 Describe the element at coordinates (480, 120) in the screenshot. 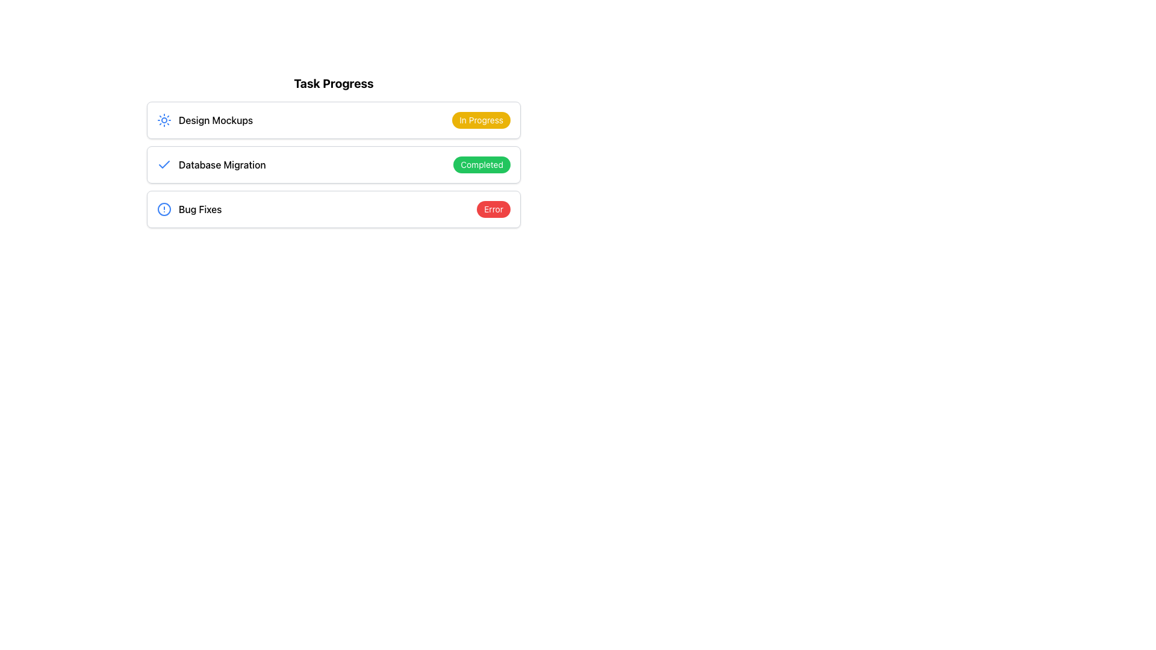

I see `the status indicator badge located to the right of the 'Design Mockups' item in the 'Task Progress' list to understand the current task status` at that location.